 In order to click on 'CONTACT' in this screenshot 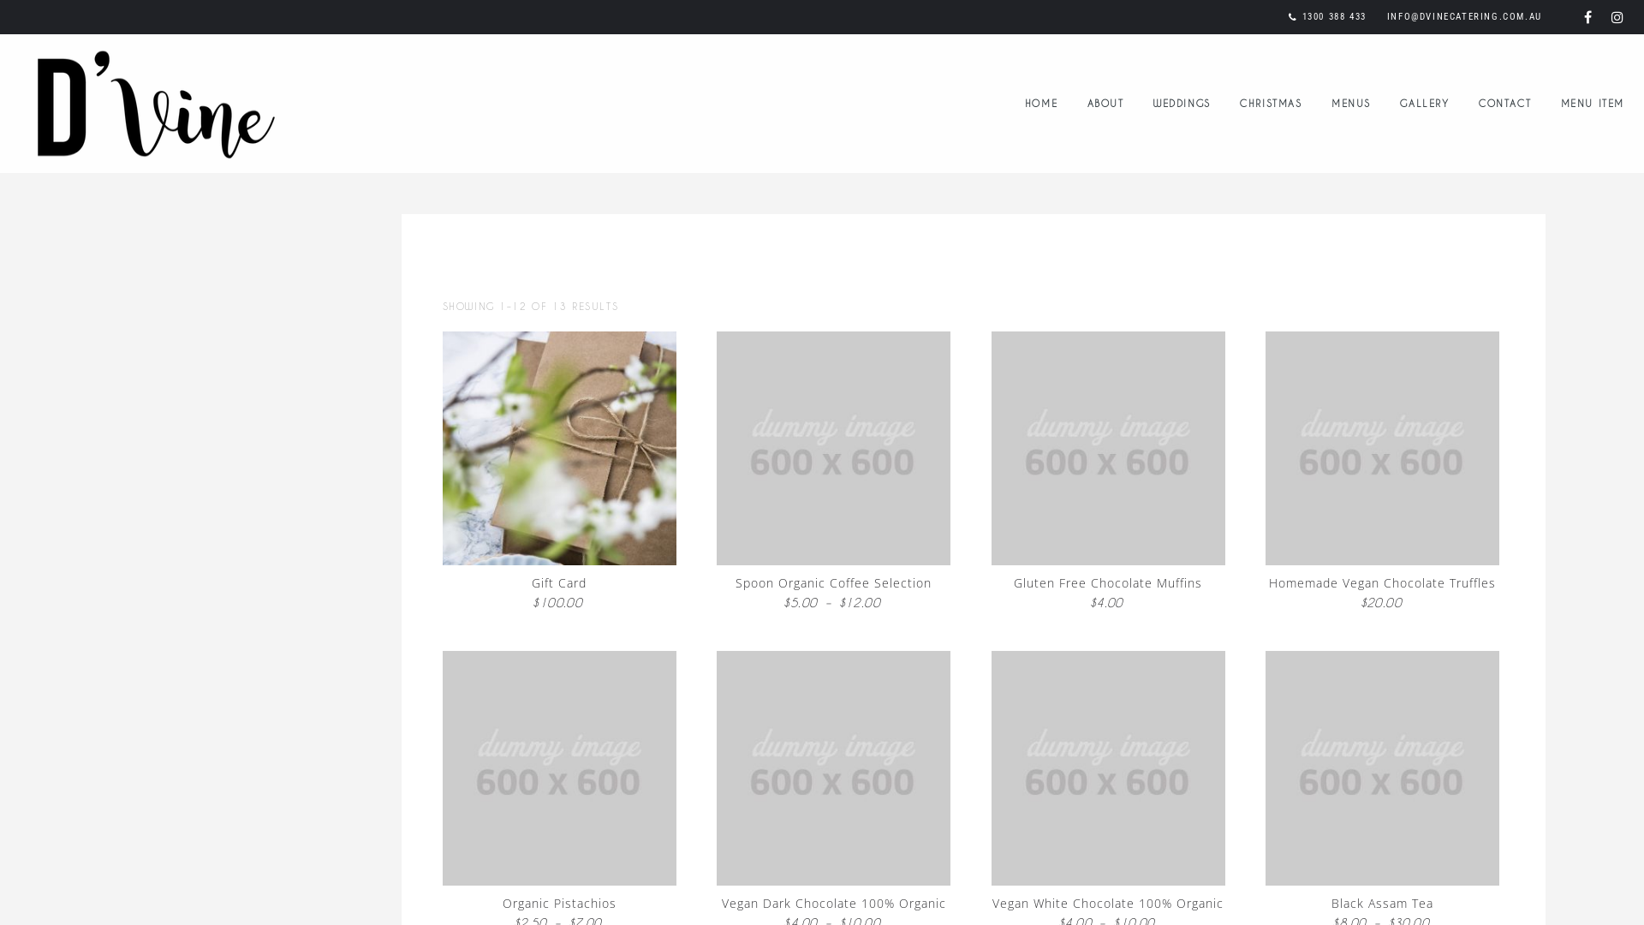, I will do `click(1504, 102)`.